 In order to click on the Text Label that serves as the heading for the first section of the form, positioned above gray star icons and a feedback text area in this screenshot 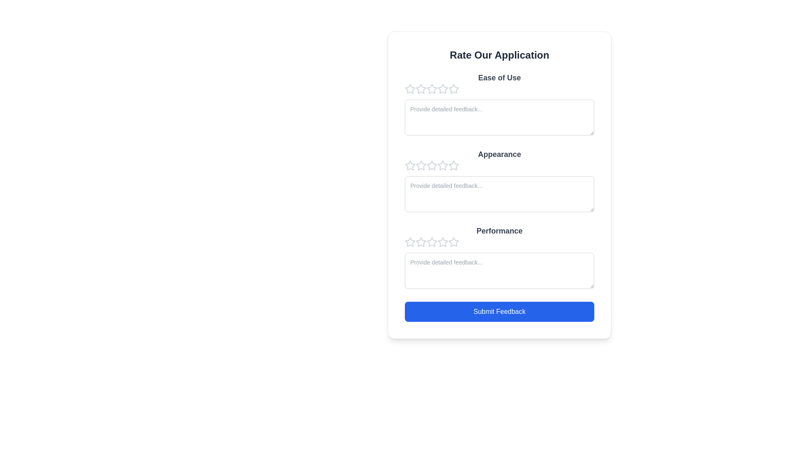, I will do `click(499, 77)`.